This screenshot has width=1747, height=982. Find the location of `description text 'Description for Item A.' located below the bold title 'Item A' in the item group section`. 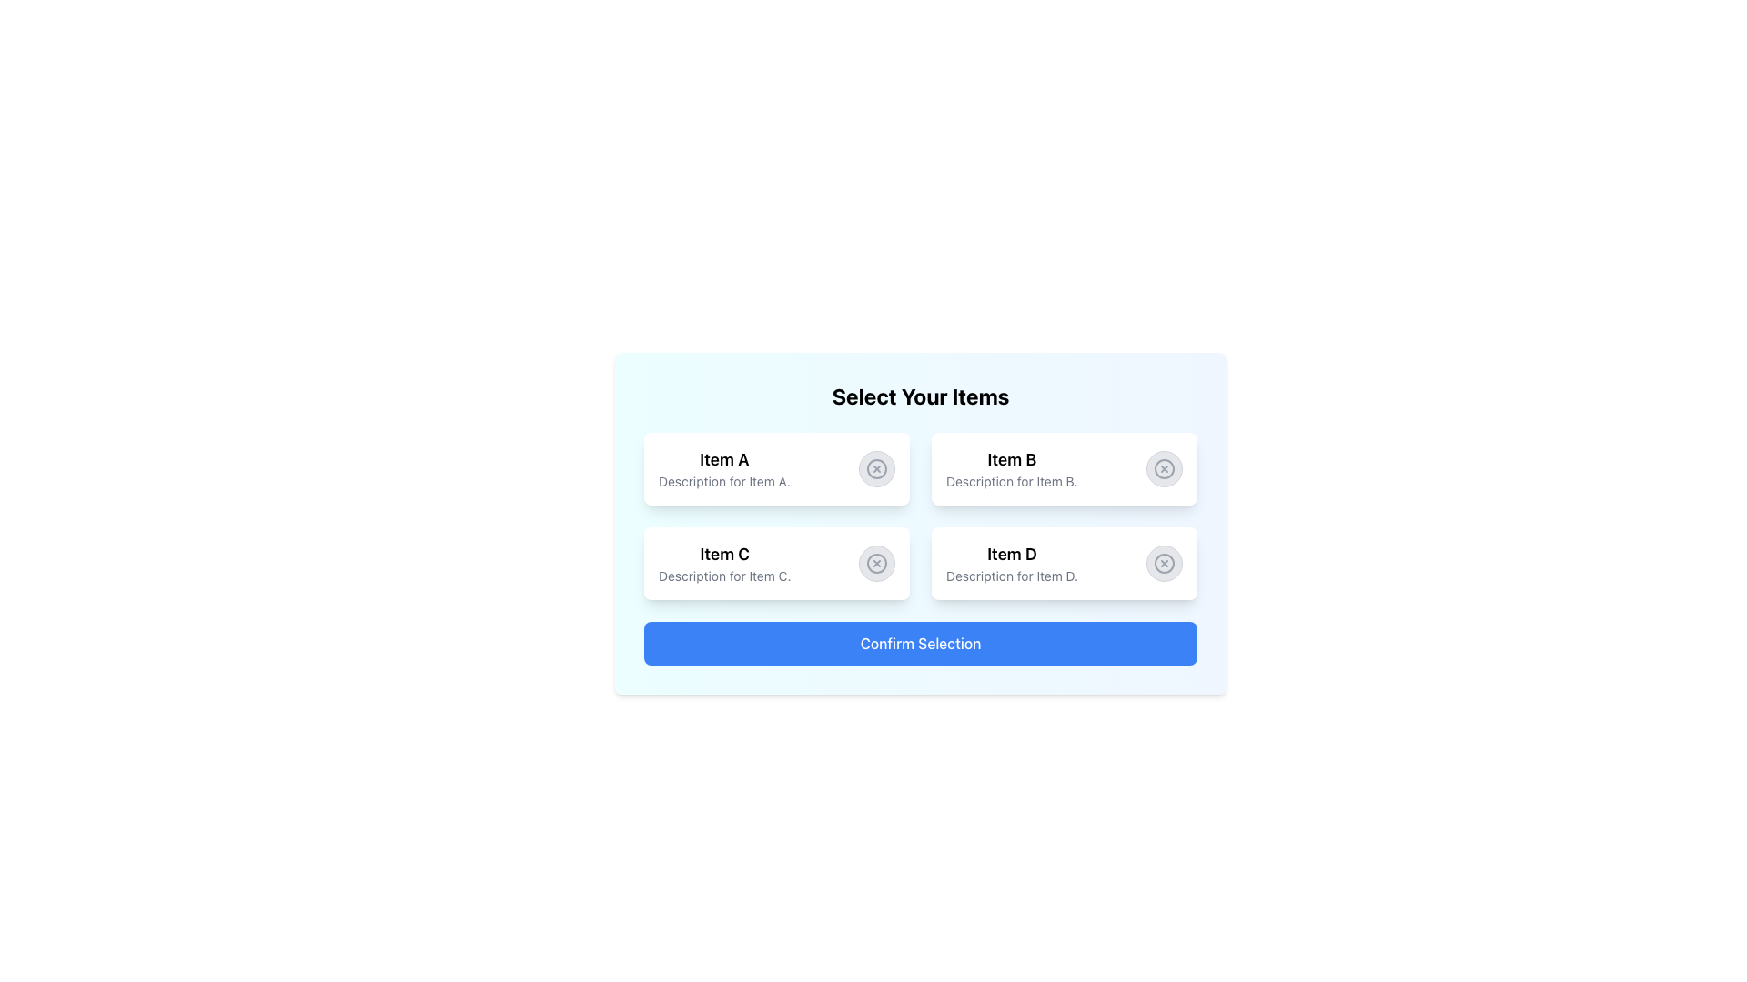

description text 'Description for Item A.' located below the bold title 'Item A' in the item group section is located at coordinates (723, 480).